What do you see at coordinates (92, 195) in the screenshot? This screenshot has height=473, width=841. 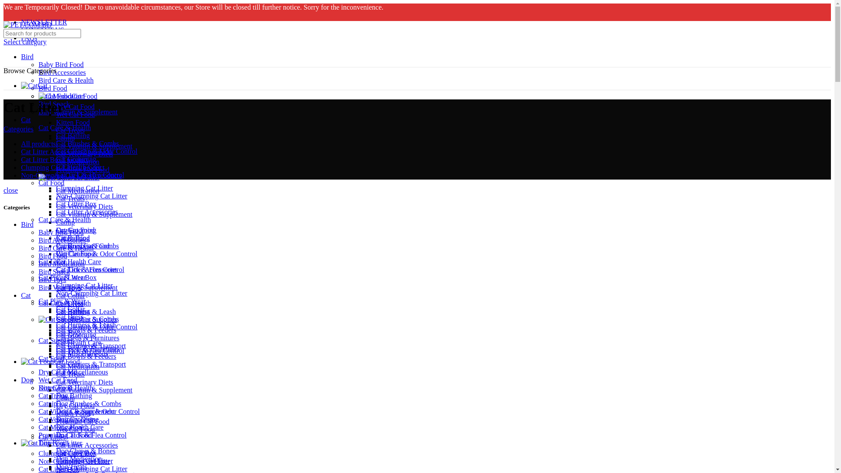 I see `'Non-Clumping Cat Litter'` at bounding box center [92, 195].